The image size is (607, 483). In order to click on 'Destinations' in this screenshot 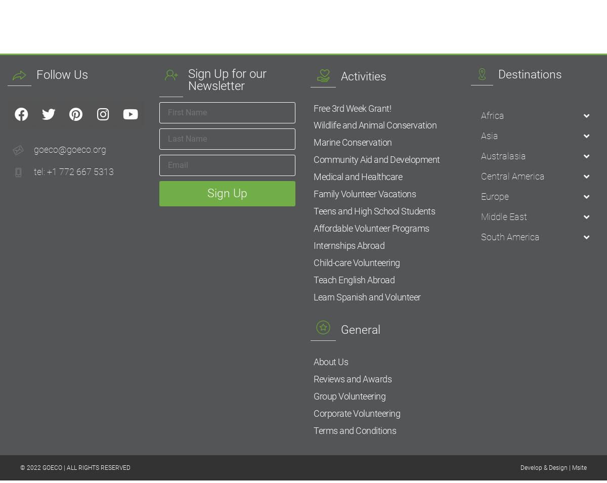, I will do `click(530, 73)`.